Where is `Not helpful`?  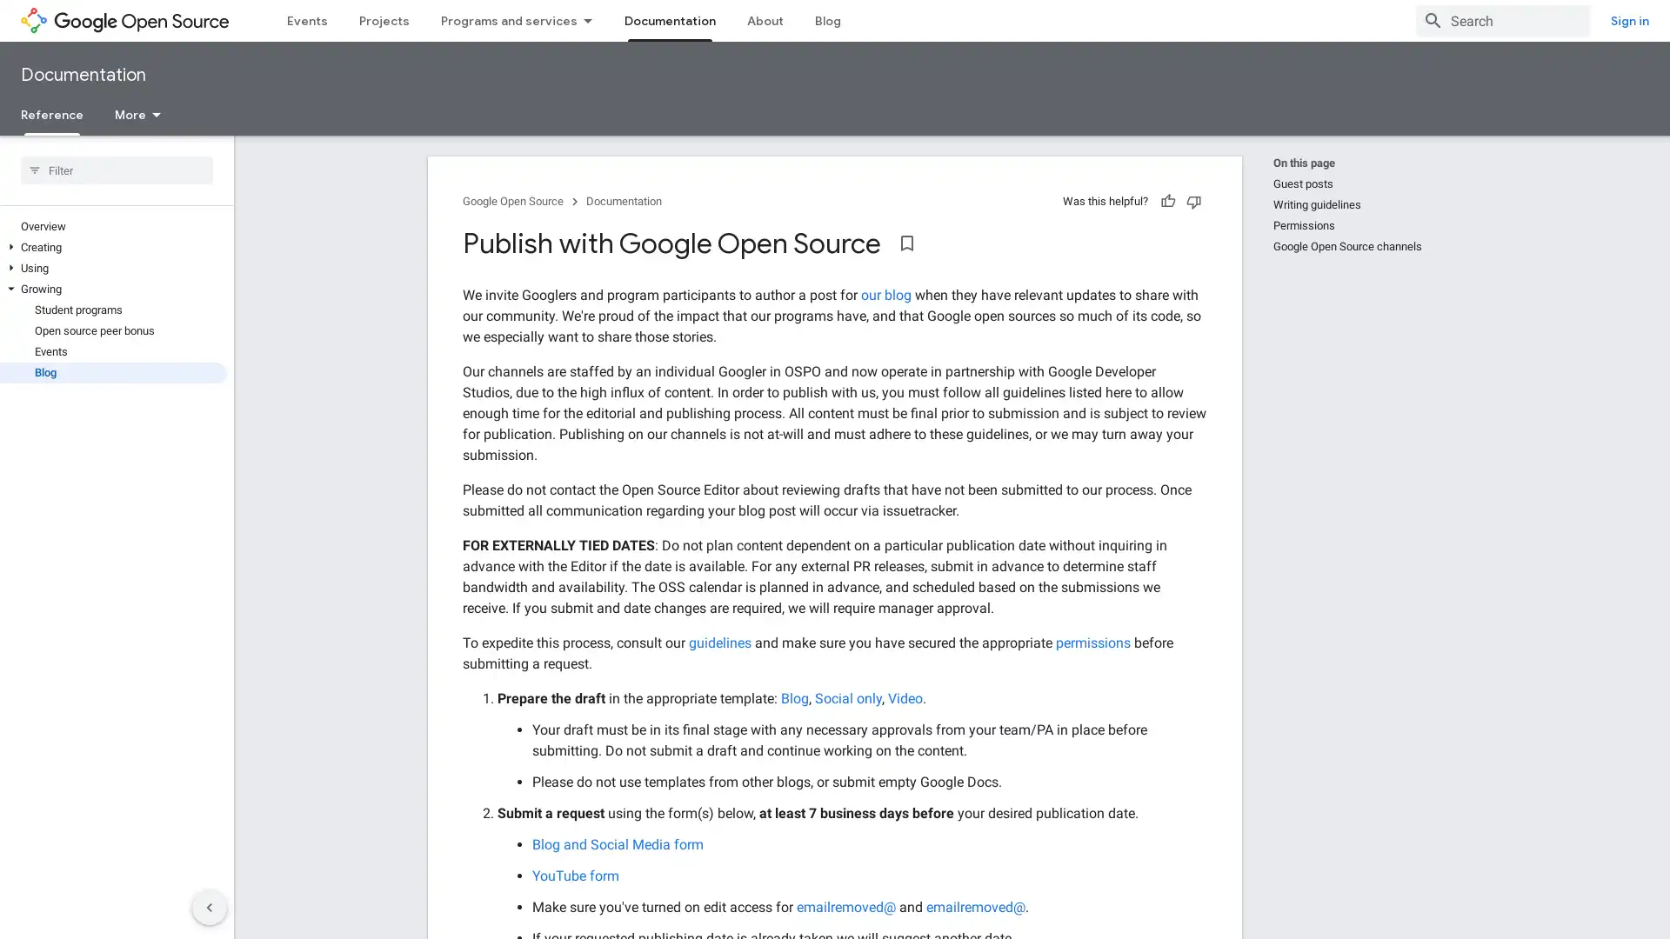 Not helpful is located at coordinates (1192, 200).